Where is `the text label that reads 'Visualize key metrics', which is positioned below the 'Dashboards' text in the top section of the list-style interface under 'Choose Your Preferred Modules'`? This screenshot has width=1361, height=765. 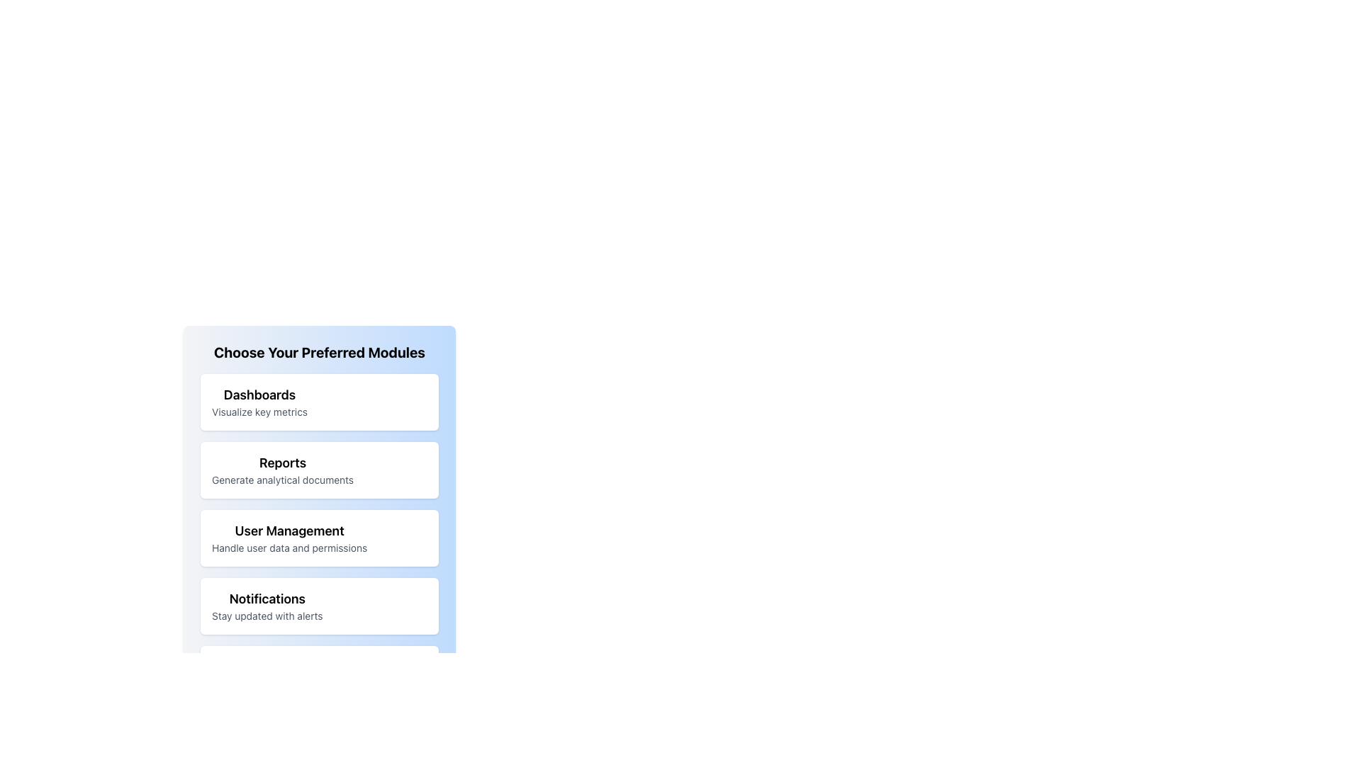 the text label that reads 'Visualize key metrics', which is positioned below the 'Dashboards' text in the top section of the list-style interface under 'Choose Your Preferred Modules' is located at coordinates (259, 412).